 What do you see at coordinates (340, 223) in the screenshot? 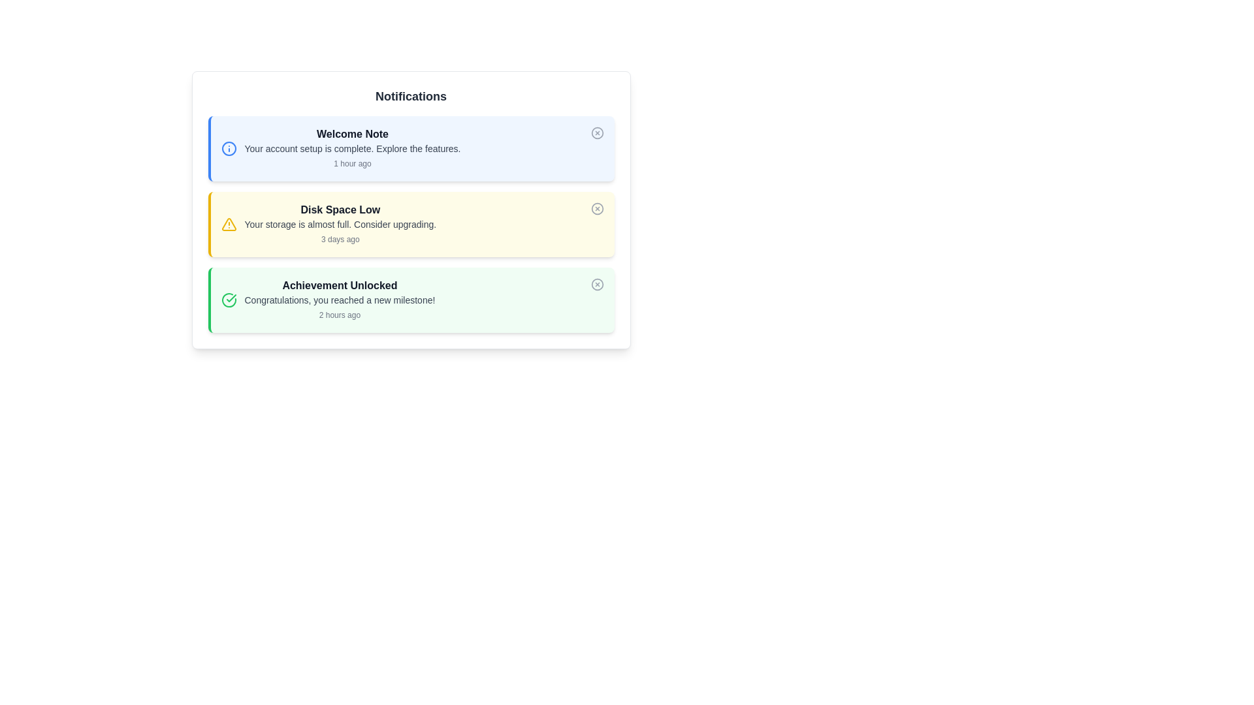
I see `the text element displaying 'Your storage is almost full. Consider upgrading.' which is positioned below 'Disk Space Low' within a yellow-background notification card` at bounding box center [340, 223].